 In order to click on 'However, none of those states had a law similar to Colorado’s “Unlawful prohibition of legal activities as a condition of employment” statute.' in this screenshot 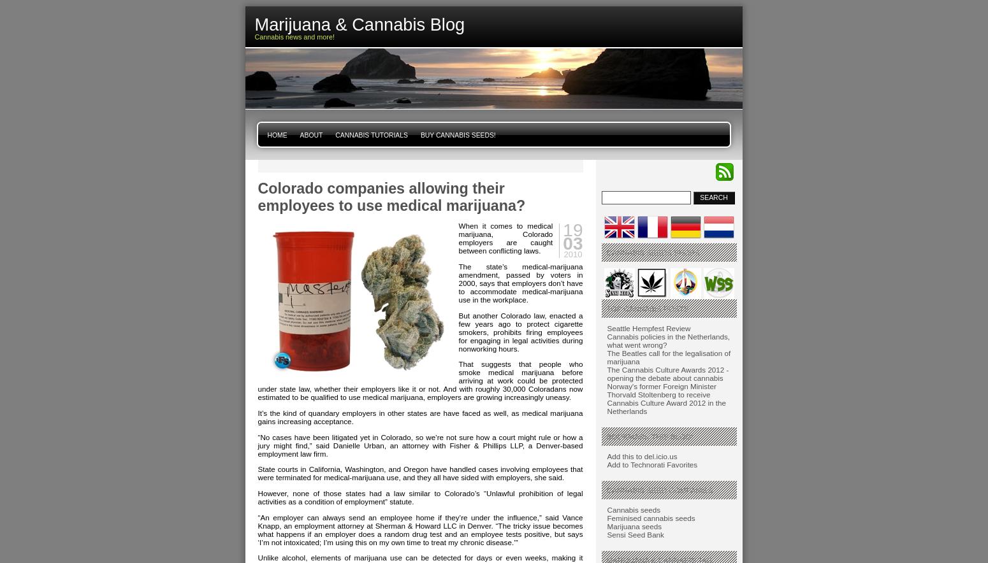, I will do `click(419, 496)`.